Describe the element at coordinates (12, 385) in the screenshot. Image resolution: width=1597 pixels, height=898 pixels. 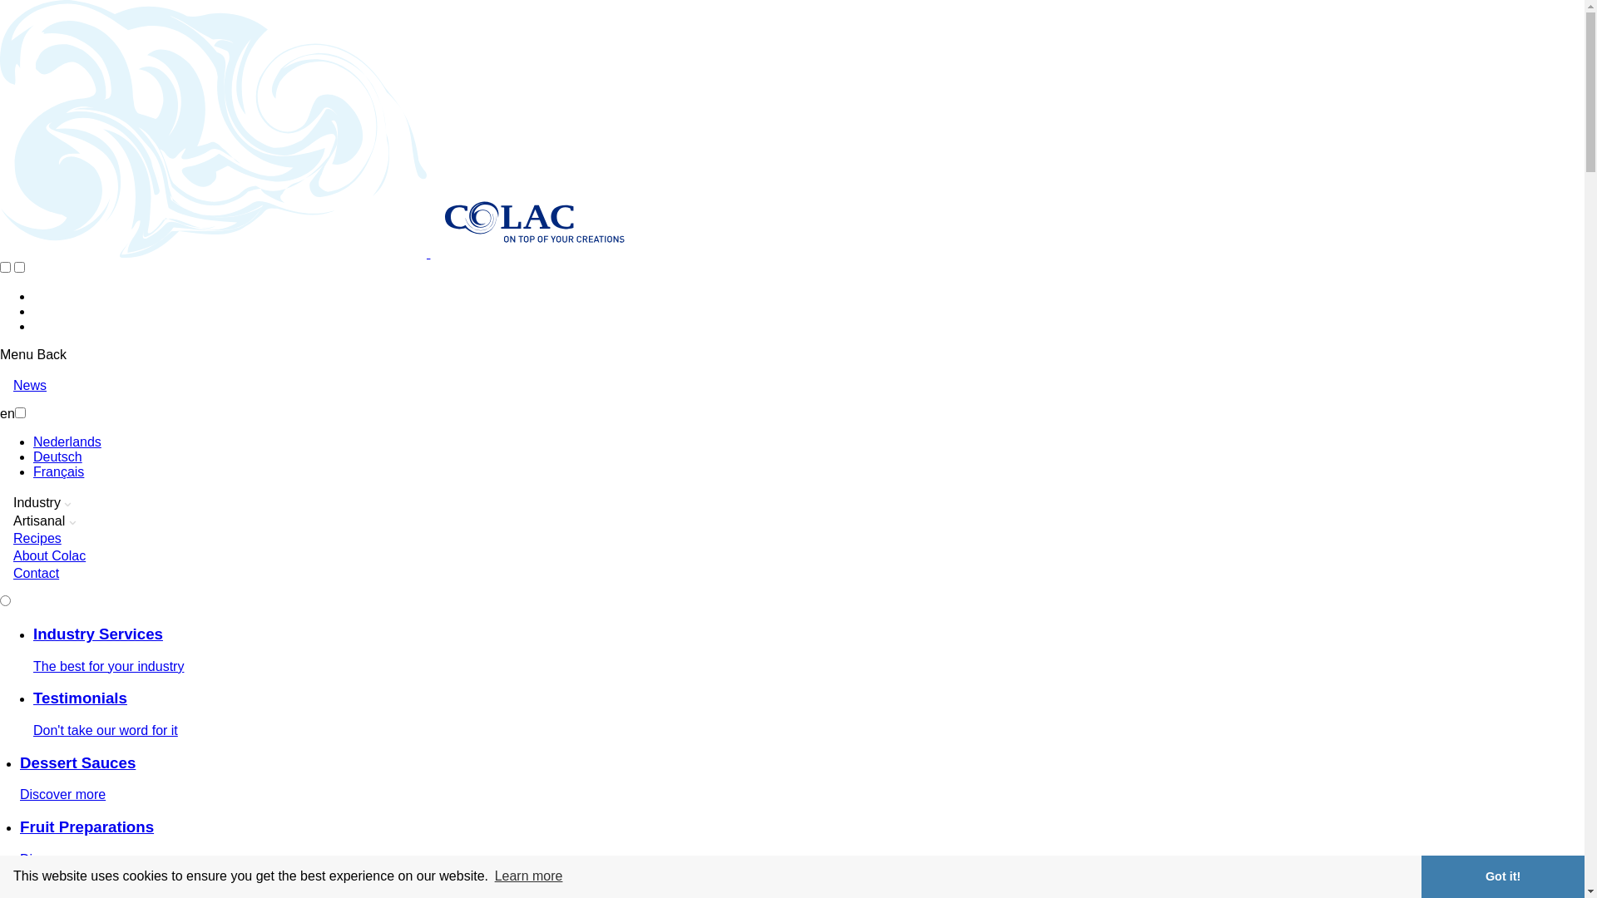
I see `'News'` at that location.